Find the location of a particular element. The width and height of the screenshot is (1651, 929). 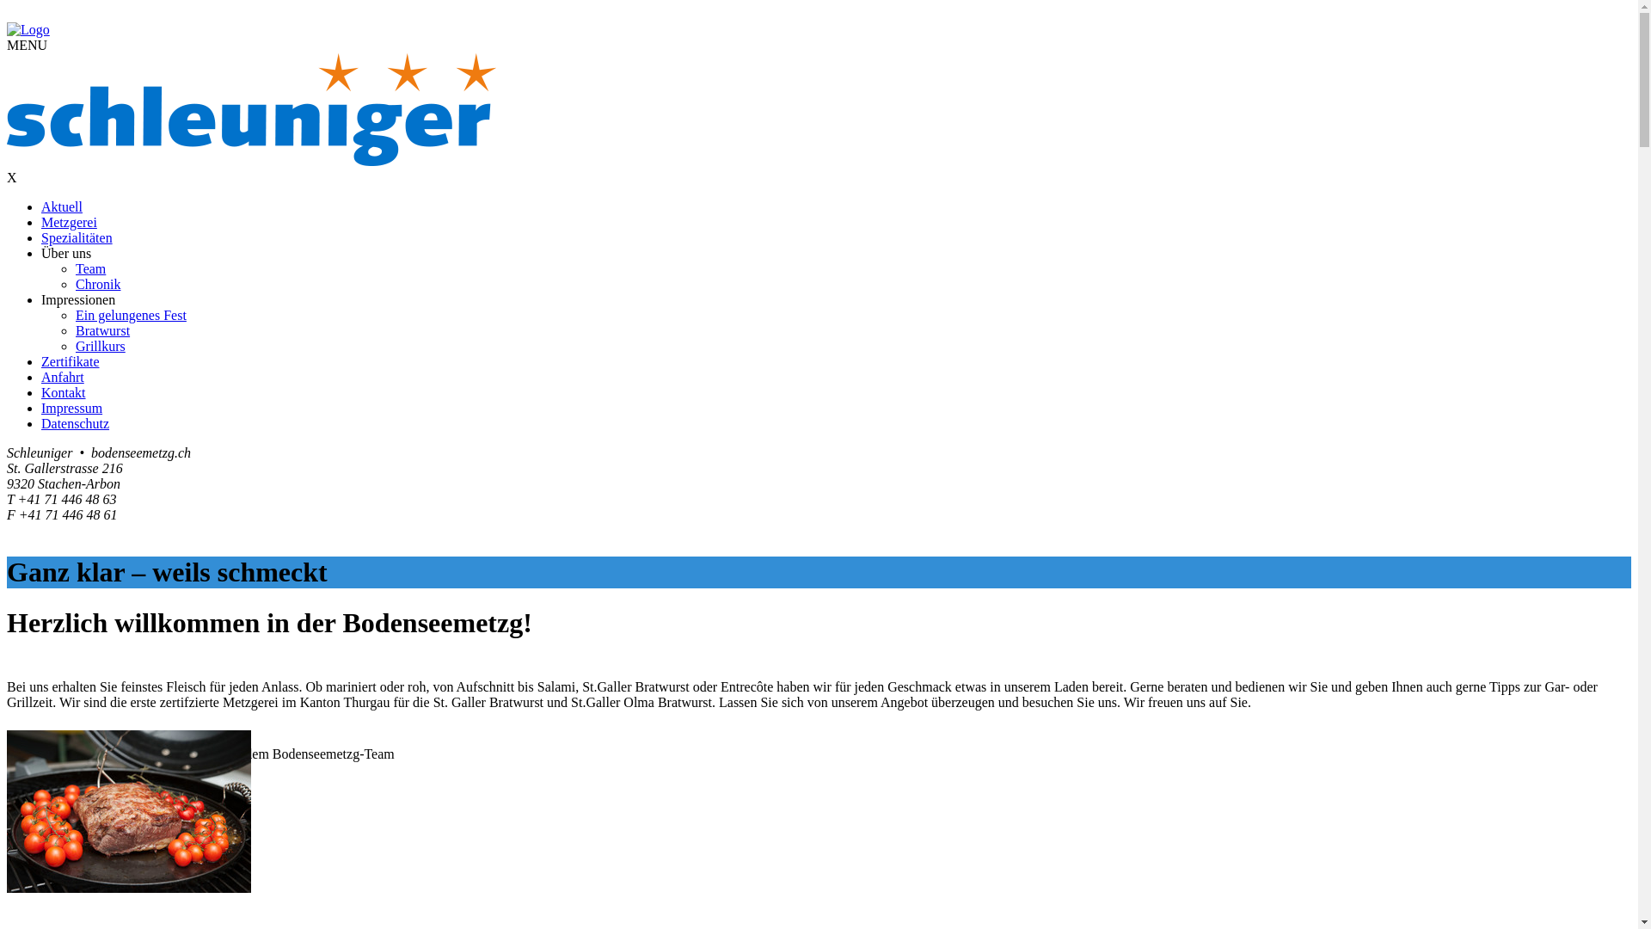

'Team' is located at coordinates (89, 268).